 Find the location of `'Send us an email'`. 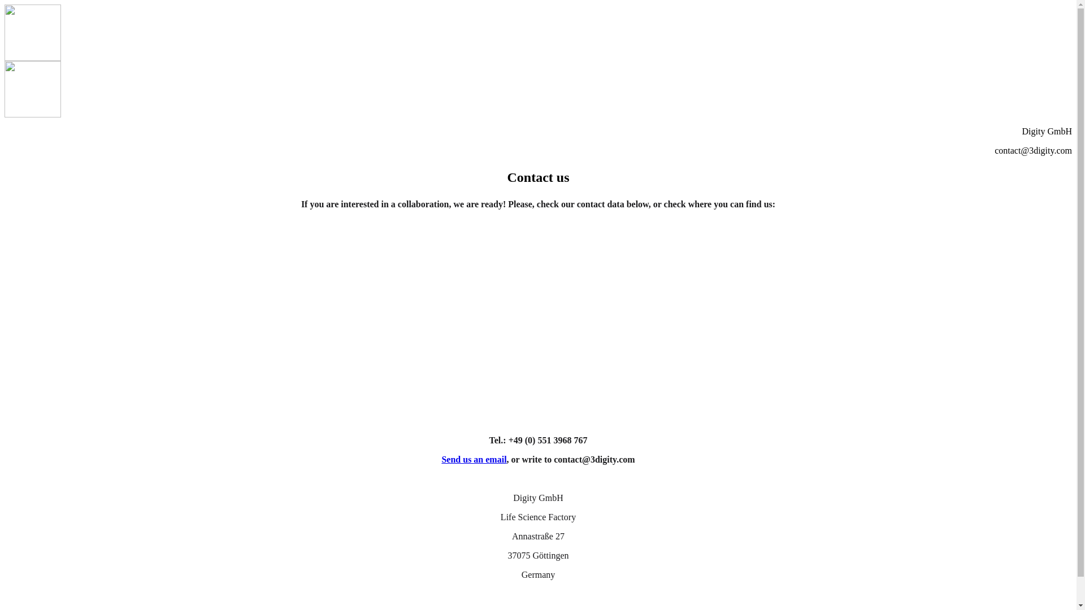

'Send us an email' is located at coordinates (441, 459).